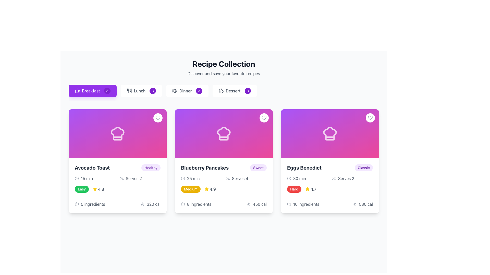  I want to click on the rating value displayed as '4.9' in medium gray font, located within the Blueberry Pancakes card, directly to the right of the yellow star icon, so click(213, 189).